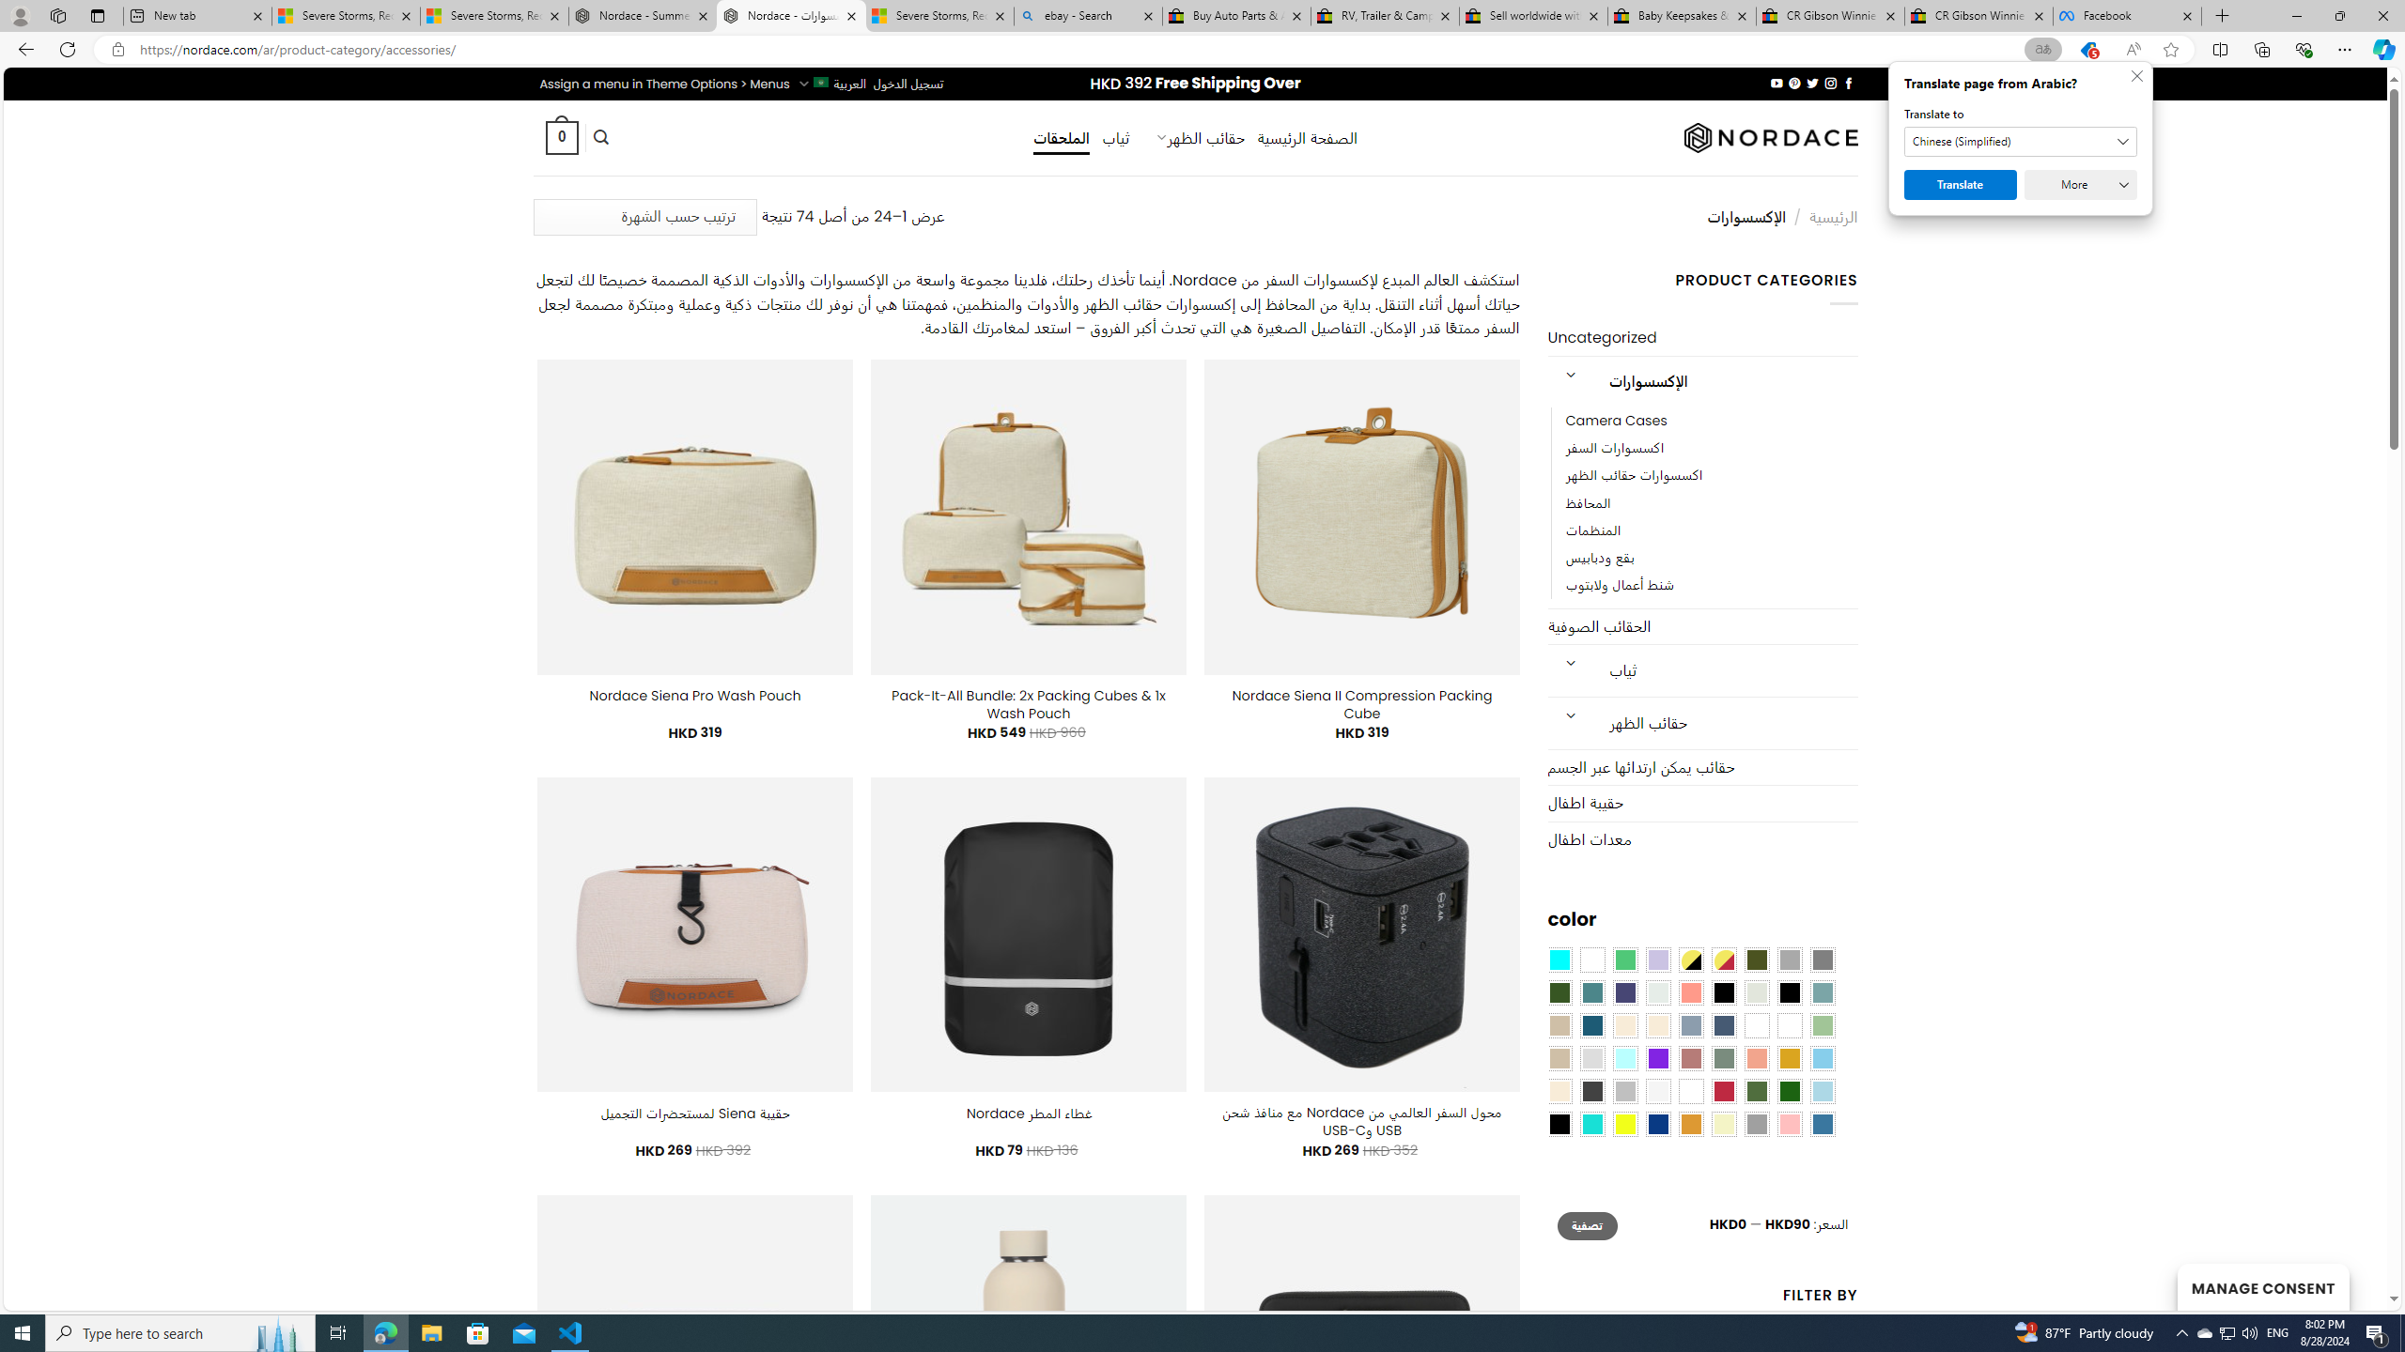  Describe the element at coordinates (1624, 960) in the screenshot. I see `'Emerald Green'` at that location.